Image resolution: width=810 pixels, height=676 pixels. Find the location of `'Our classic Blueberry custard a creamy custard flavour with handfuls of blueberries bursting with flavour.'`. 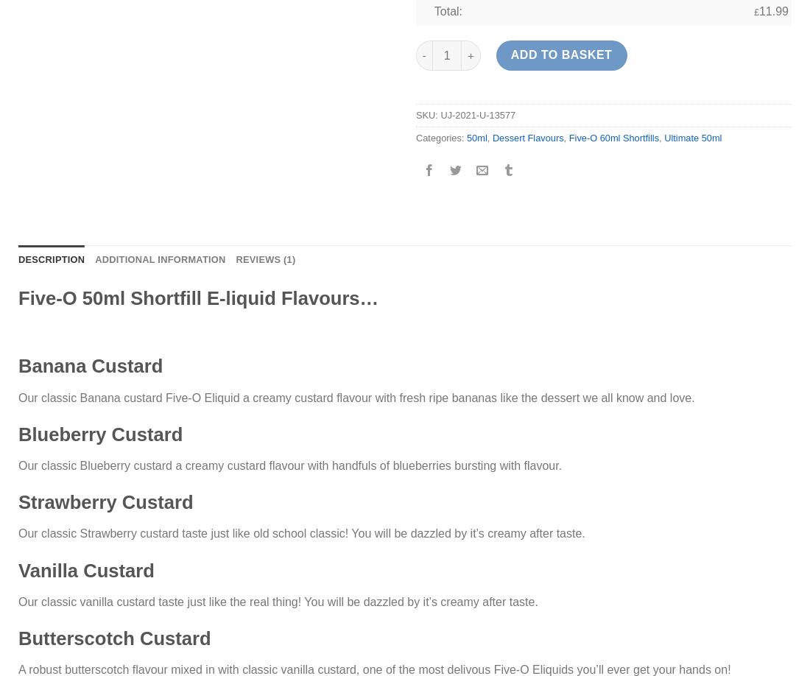

'Our classic Blueberry custard a creamy custard flavour with handfuls of blueberries bursting with flavour.' is located at coordinates (290, 465).